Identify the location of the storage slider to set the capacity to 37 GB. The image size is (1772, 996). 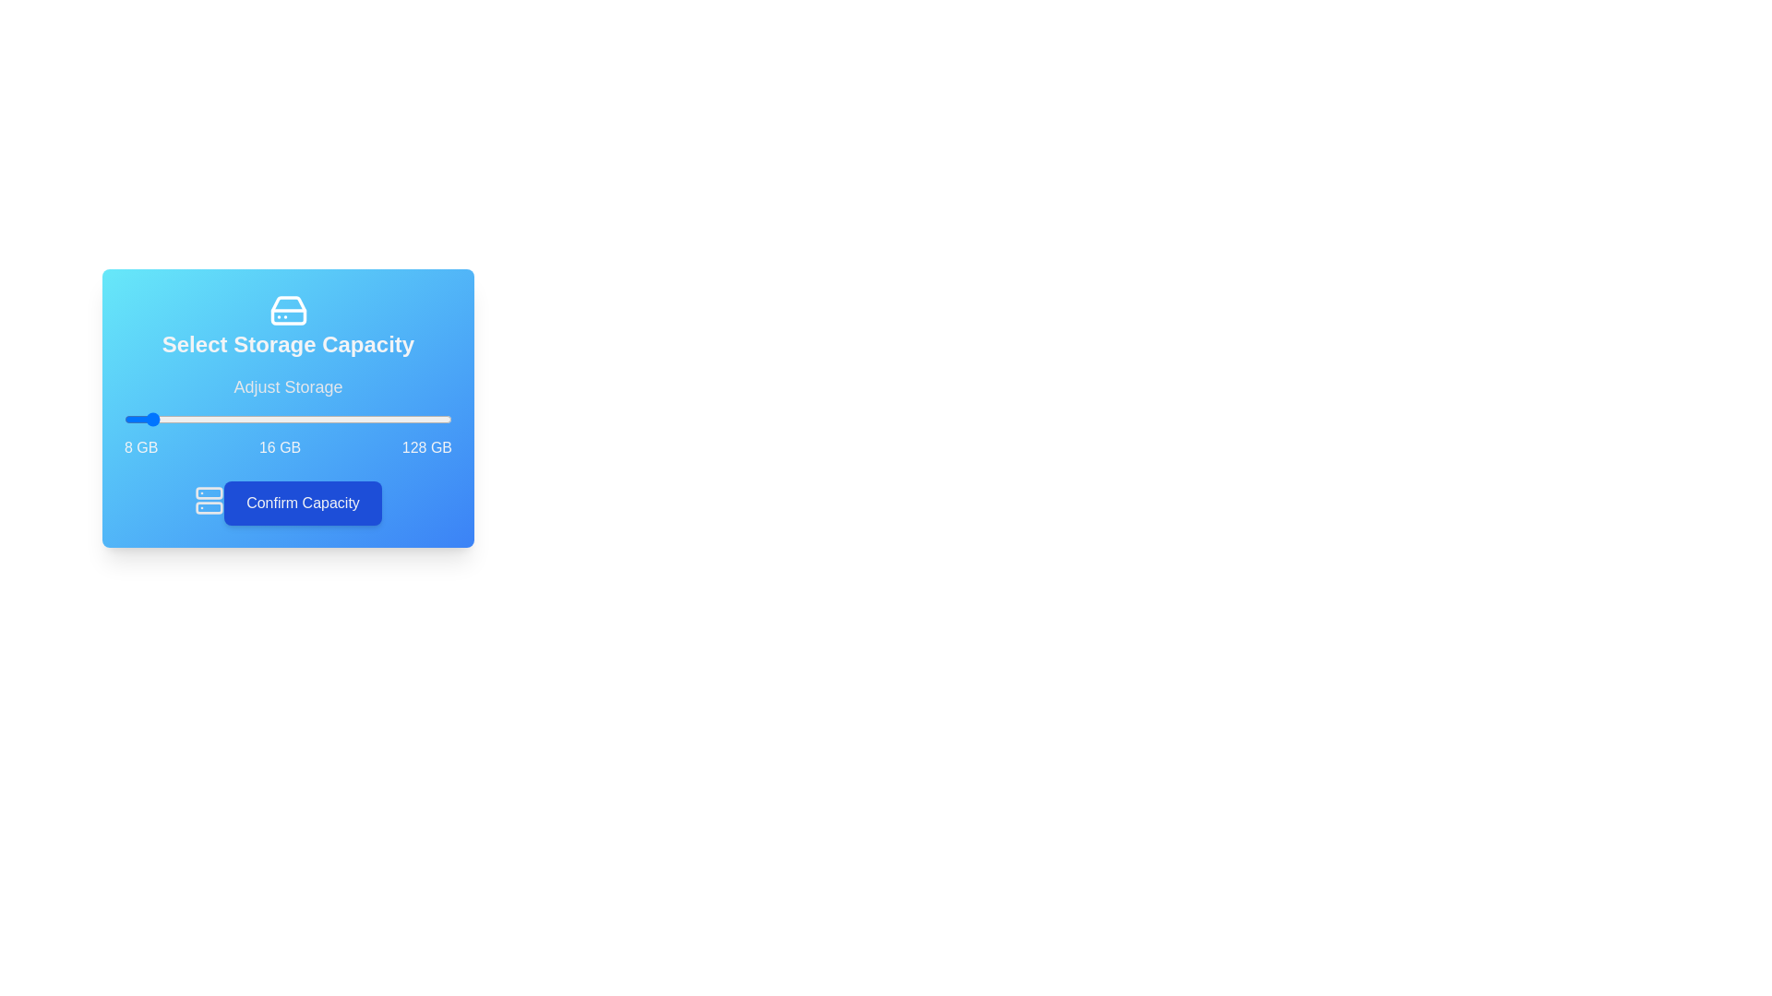
(203, 420).